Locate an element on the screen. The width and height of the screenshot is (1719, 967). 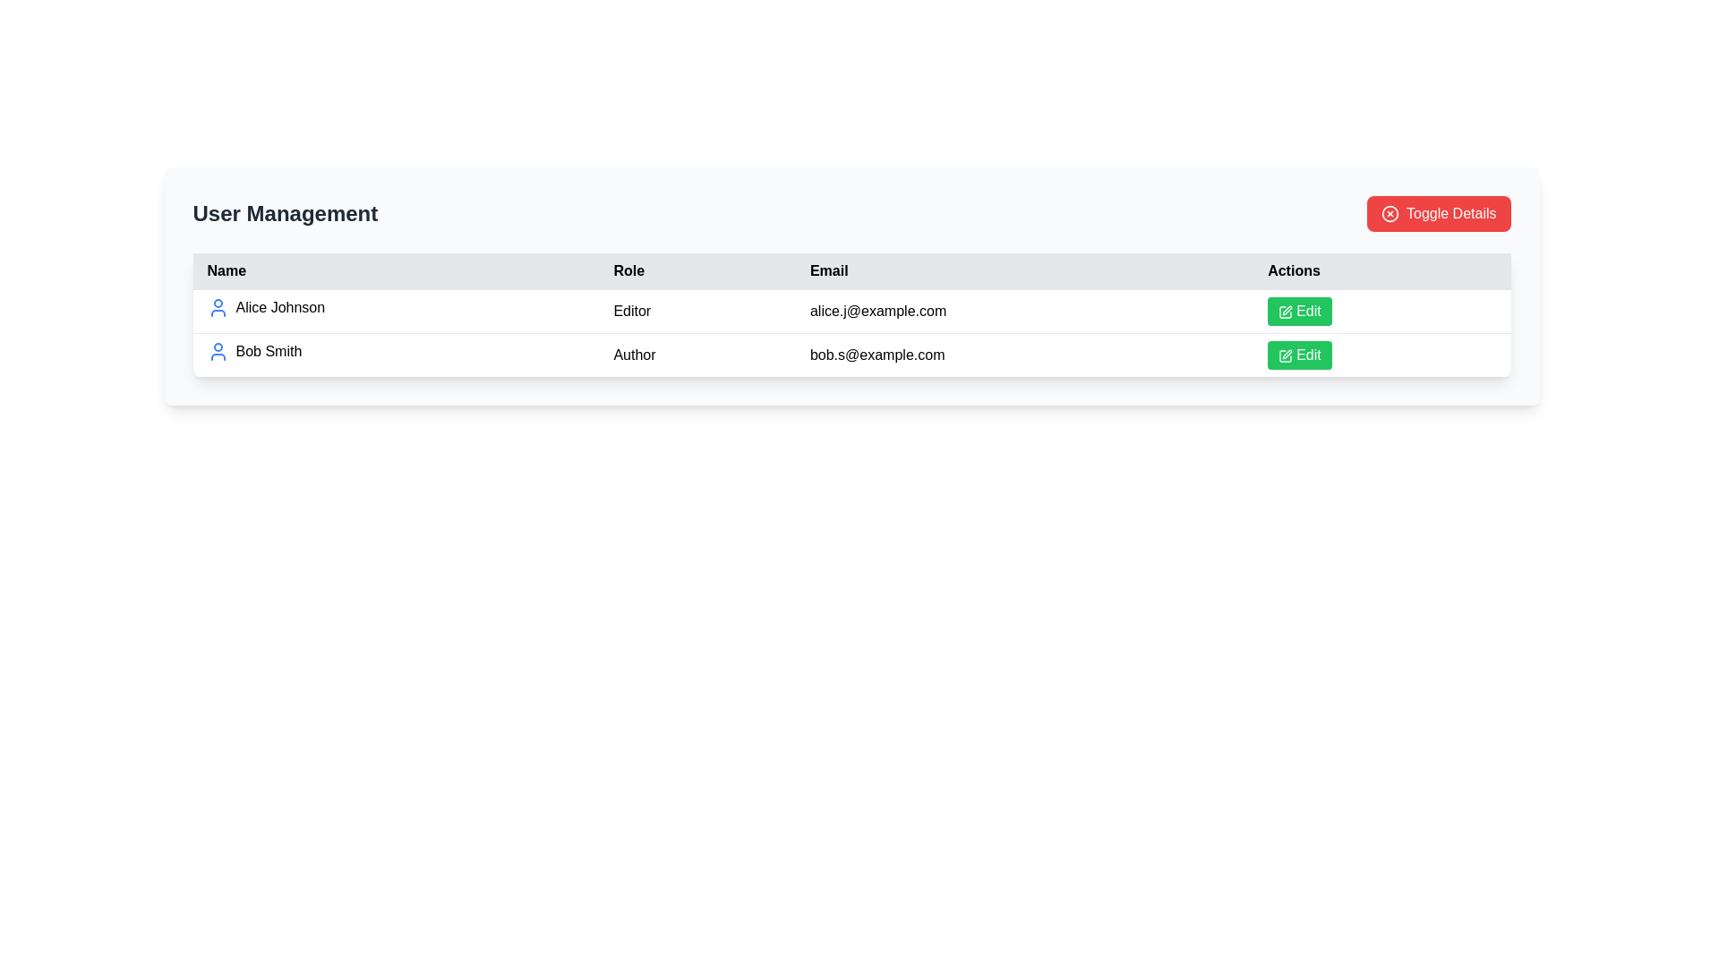
the edit icon located to the left of the text inside the green 'Edit' button is located at coordinates (1284, 310).